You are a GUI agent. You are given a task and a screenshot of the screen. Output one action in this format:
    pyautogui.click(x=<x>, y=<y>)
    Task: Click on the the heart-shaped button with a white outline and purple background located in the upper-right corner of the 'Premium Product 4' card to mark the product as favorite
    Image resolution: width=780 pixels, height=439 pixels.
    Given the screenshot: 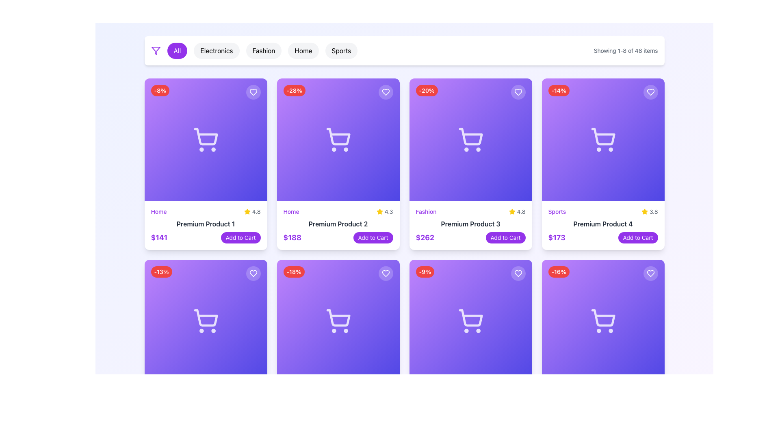 What is the action you would take?
    pyautogui.click(x=650, y=92)
    